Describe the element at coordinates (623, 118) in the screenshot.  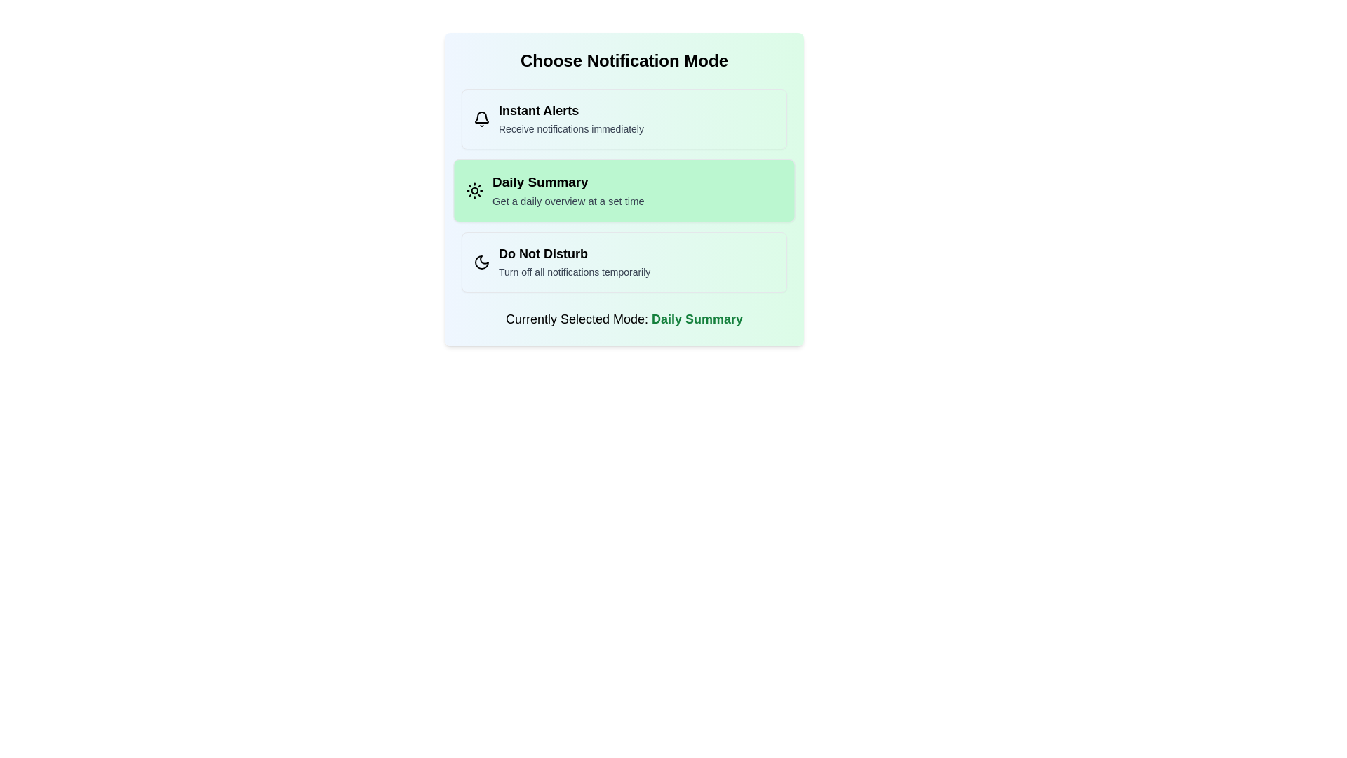
I see `the 'Instant Alerts' button, which is the first option in the 'Choose Notification Mode' card` at that location.